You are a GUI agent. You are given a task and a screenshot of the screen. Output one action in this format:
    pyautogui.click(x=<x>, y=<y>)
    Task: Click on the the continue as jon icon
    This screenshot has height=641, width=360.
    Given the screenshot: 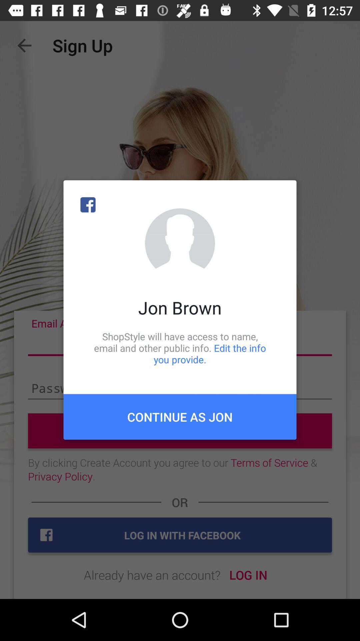 What is the action you would take?
    pyautogui.click(x=180, y=416)
    